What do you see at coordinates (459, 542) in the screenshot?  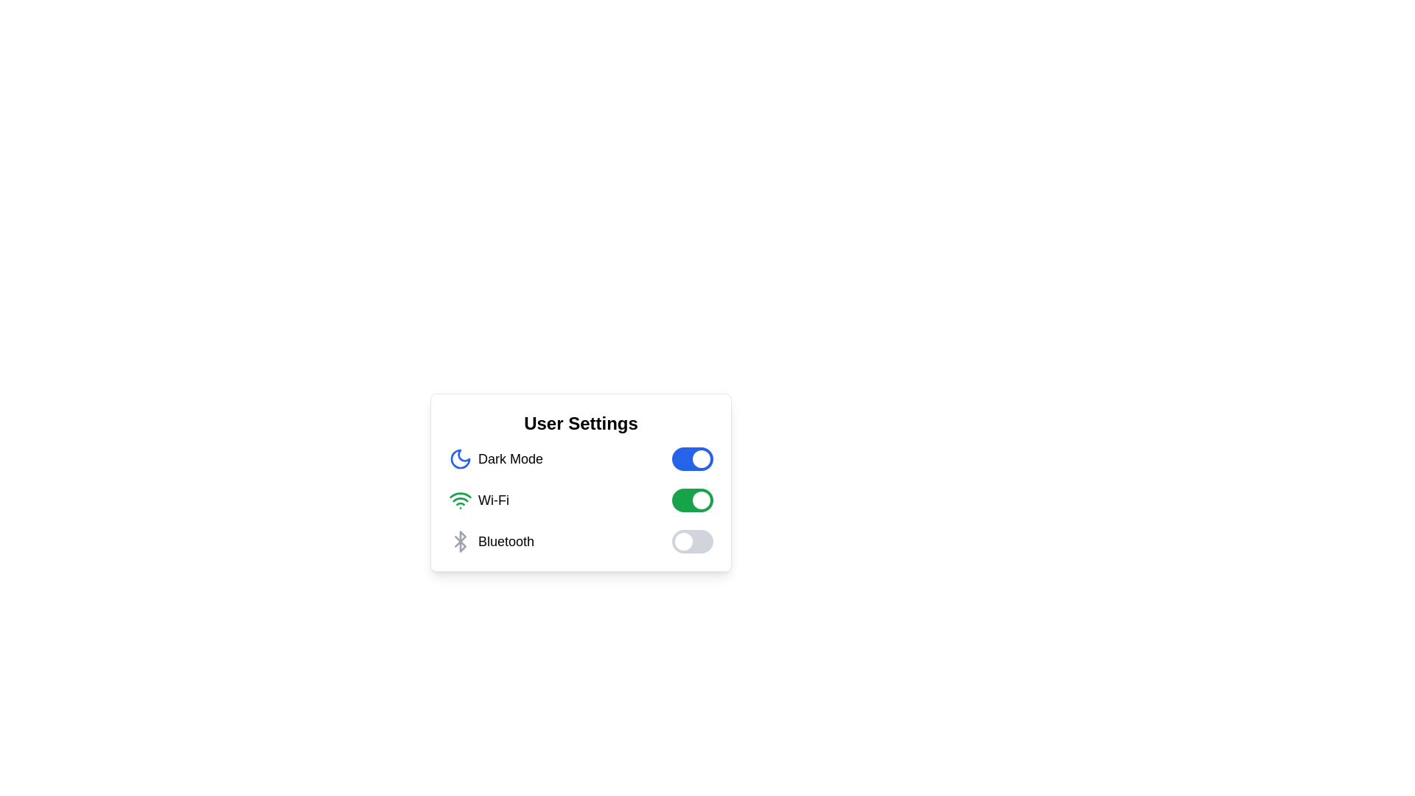 I see `the Bluetooth icon located to the left of the 'Bluetooth' text label in the User Settings interface` at bounding box center [459, 542].